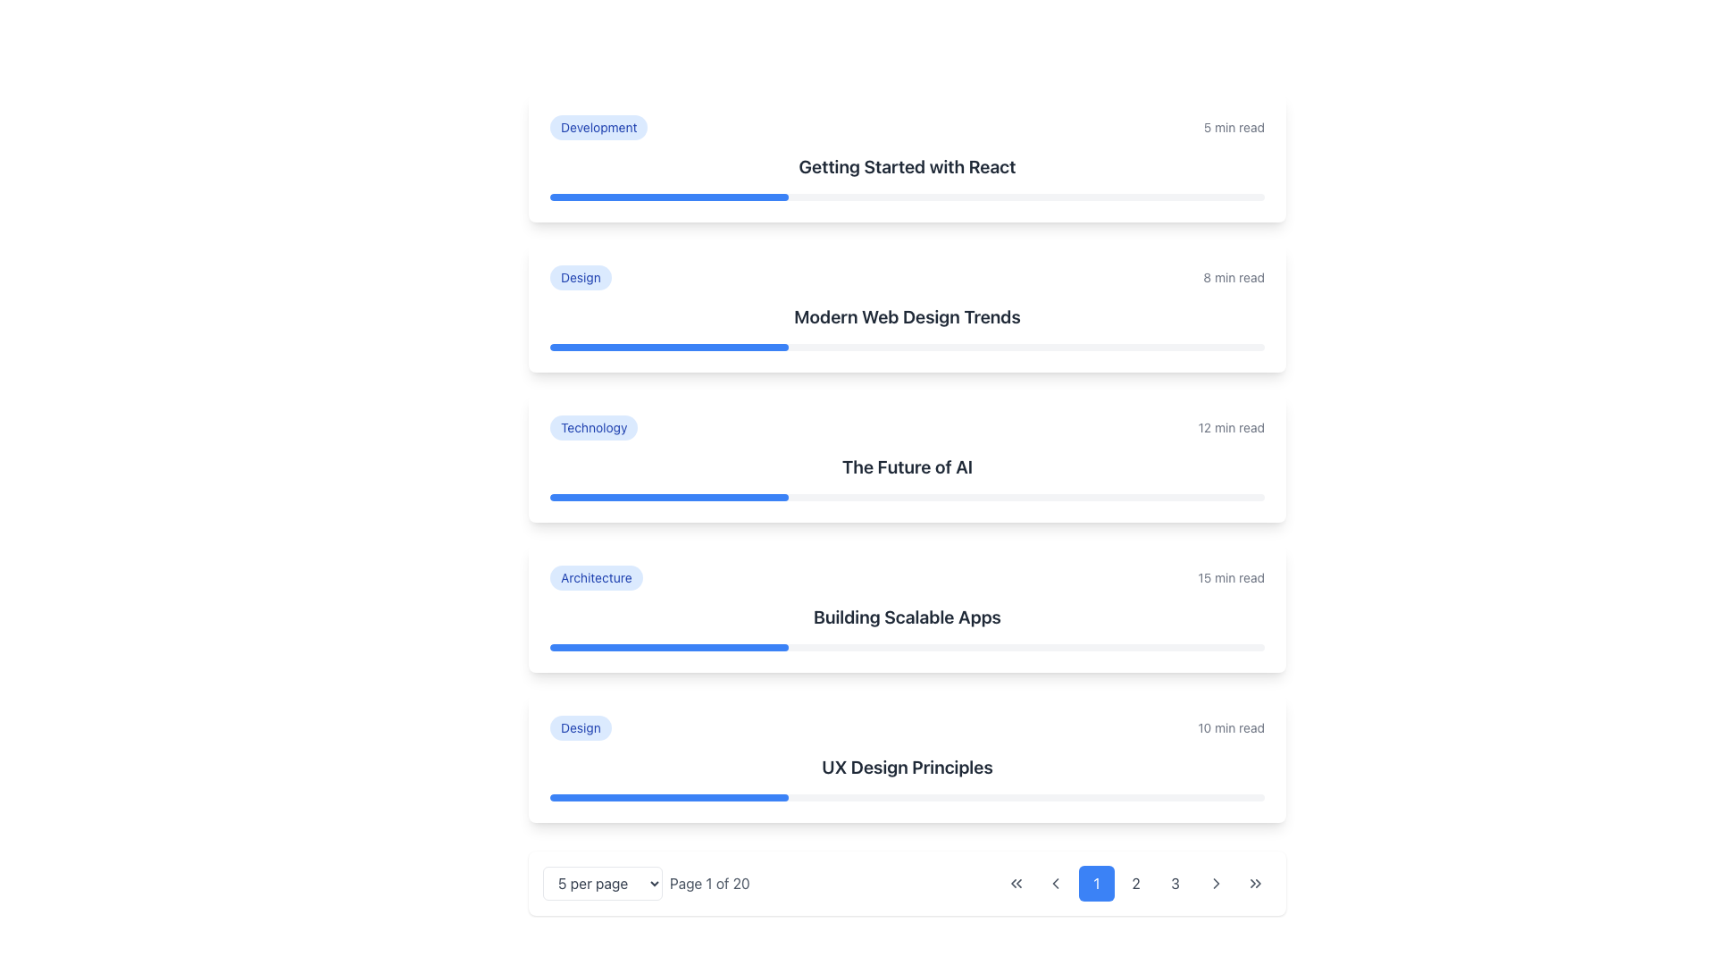 The image size is (1715, 965). Describe the element at coordinates (1135, 882) in the screenshot. I see `the second pagination button located between the '1' and '3' buttons` at that location.